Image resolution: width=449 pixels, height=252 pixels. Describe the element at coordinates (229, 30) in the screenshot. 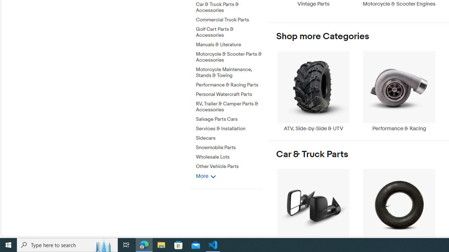

I see `'Golf Cart Parts & Accessories'` at that location.